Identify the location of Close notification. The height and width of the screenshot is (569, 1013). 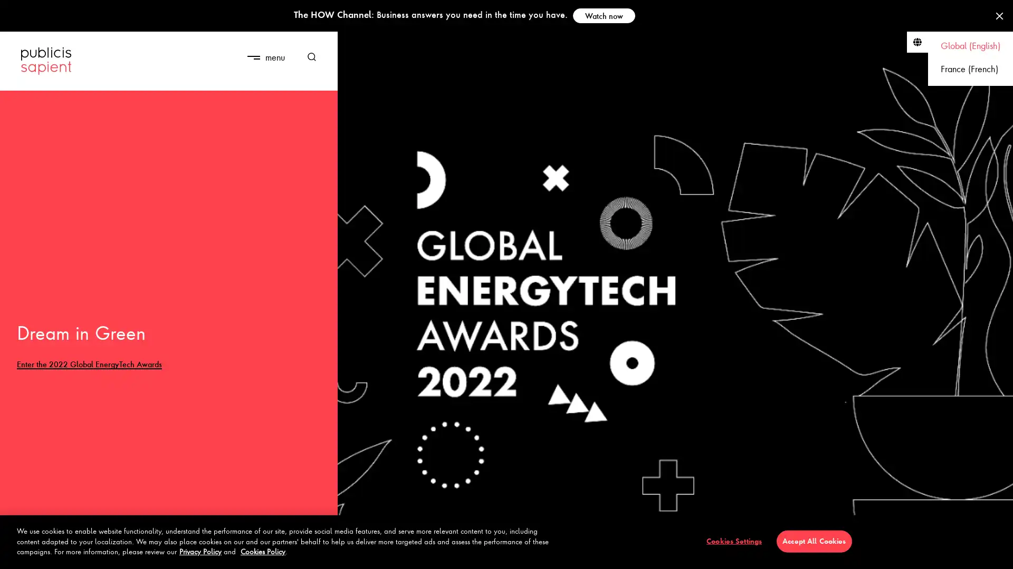
(999, 16).